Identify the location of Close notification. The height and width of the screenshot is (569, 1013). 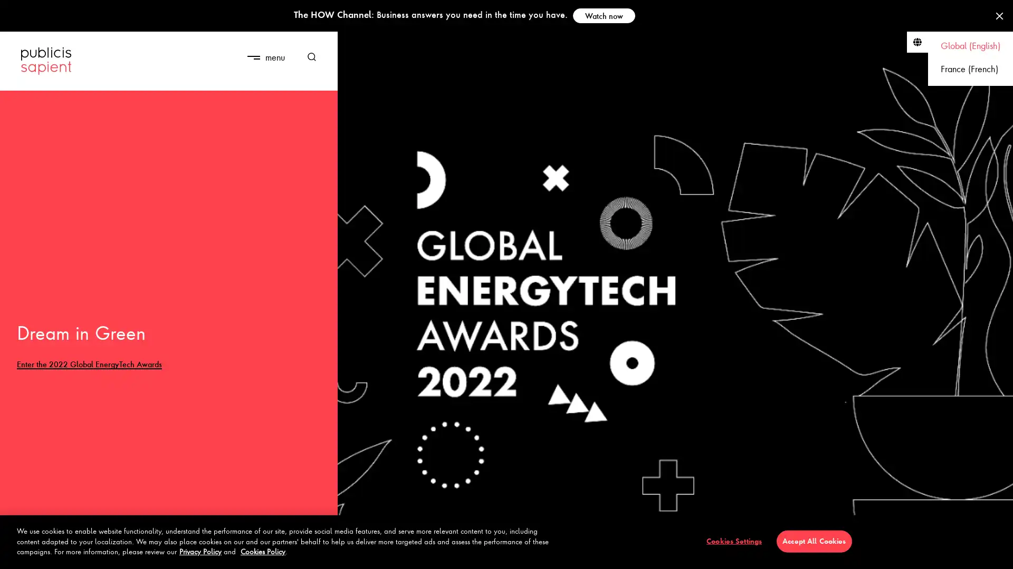
(999, 16).